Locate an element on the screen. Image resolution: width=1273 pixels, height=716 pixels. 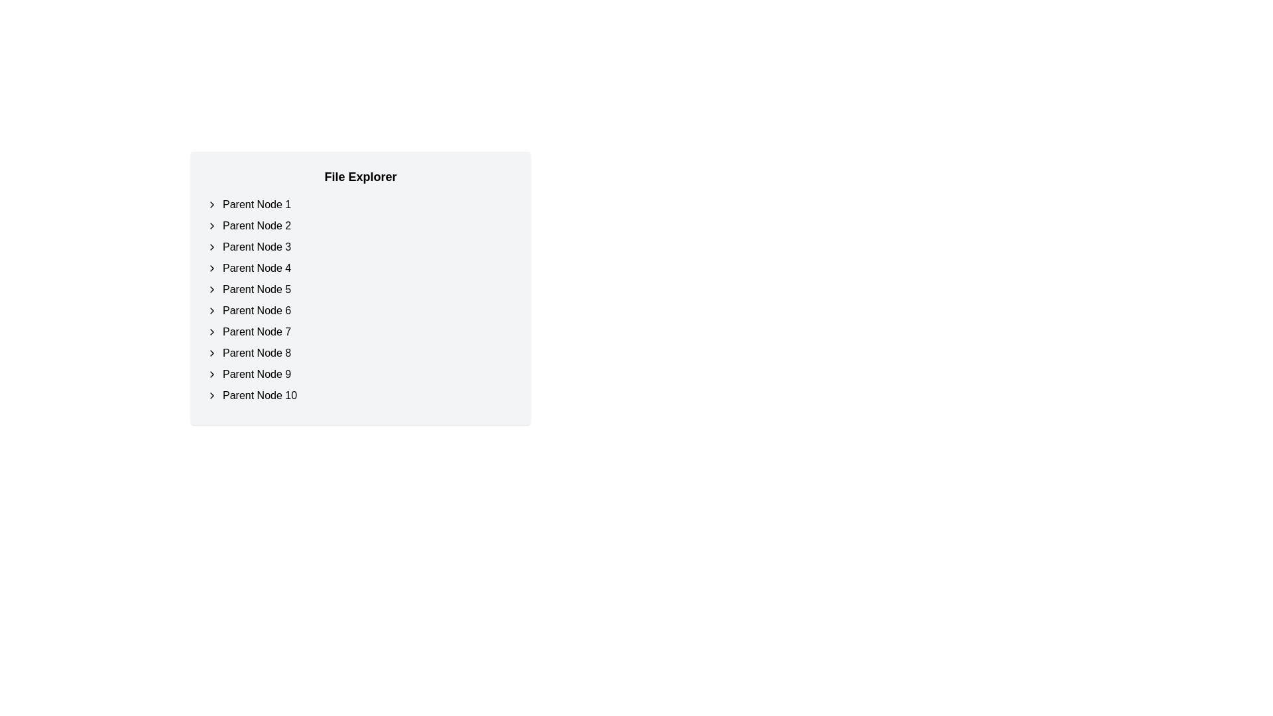
the fourth entry in the 'File Explorer' list is located at coordinates (360, 268).